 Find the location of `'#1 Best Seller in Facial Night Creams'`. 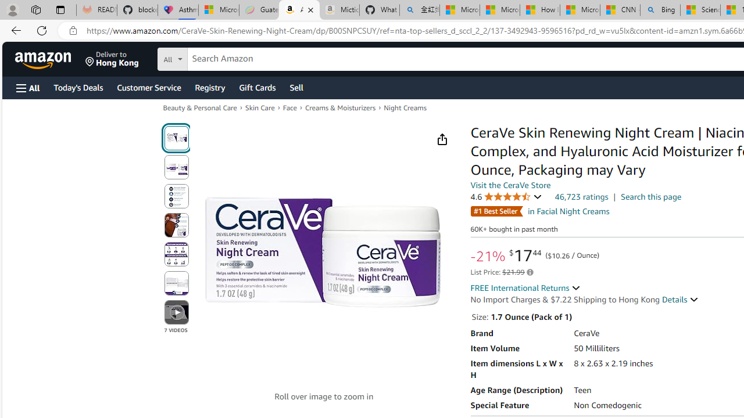

'#1 Best Seller in Facial Night Creams' is located at coordinates (539, 211).